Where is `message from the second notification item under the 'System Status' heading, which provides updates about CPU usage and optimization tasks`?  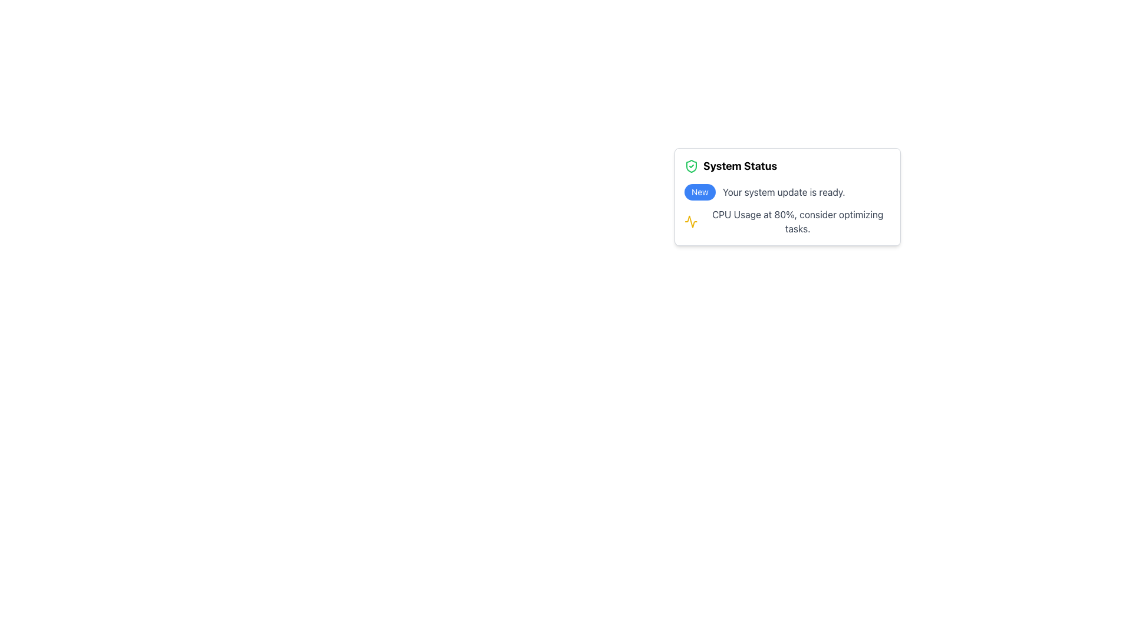
message from the second notification item under the 'System Status' heading, which provides updates about CPU usage and optimization tasks is located at coordinates (787, 221).